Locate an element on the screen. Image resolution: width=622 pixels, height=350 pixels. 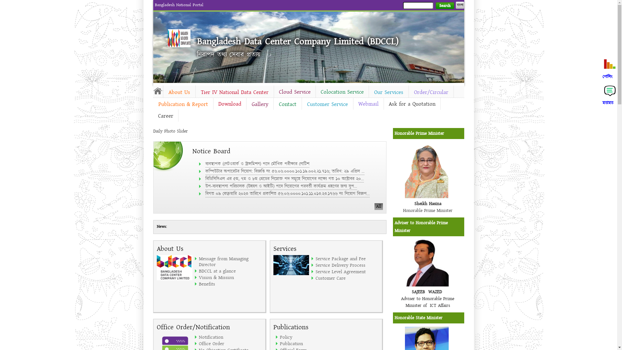
'Publication & Report' is located at coordinates (182, 104).